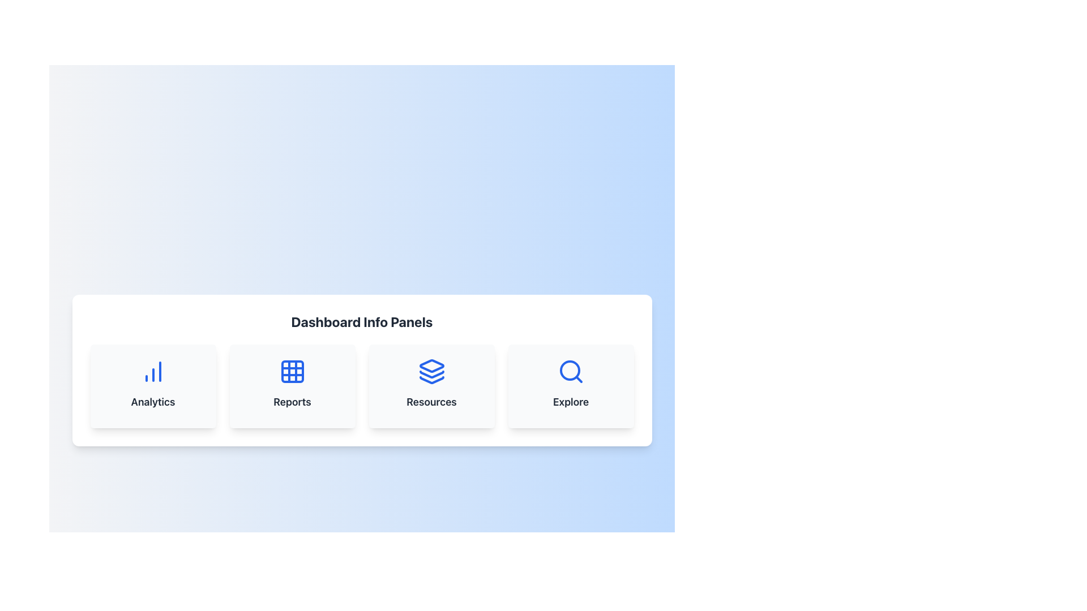 The height and width of the screenshot is (611, 1087). Describe the element at coordinates (431, 385) in the screenshot. I see `the 'Resources' card in the Dashboard Info Panels section to trigger visual effects` at that location.